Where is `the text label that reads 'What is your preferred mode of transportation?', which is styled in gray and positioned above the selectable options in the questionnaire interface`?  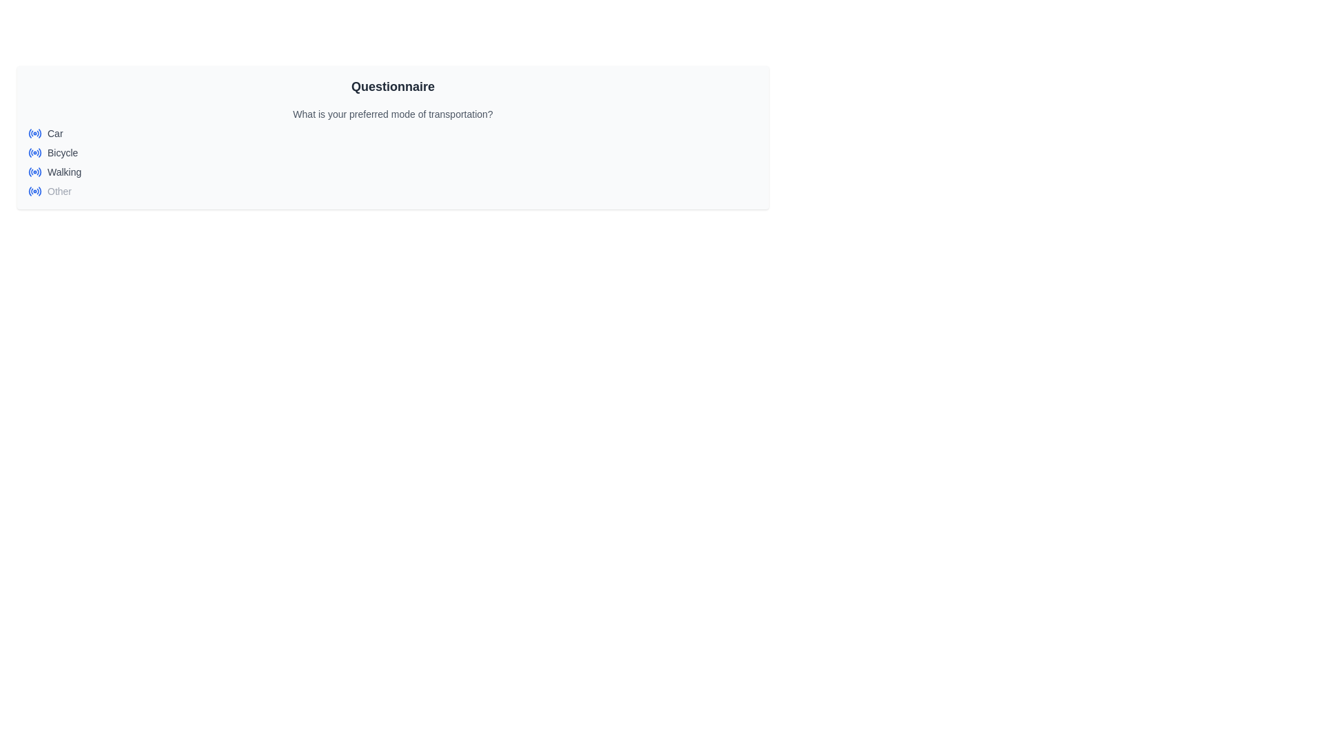
the text label that reads 'What is your preferred mode of transportation?', which is styled in gray and positioned above the selectable options in the questionnaire interface is located at coordinates (392, 113).